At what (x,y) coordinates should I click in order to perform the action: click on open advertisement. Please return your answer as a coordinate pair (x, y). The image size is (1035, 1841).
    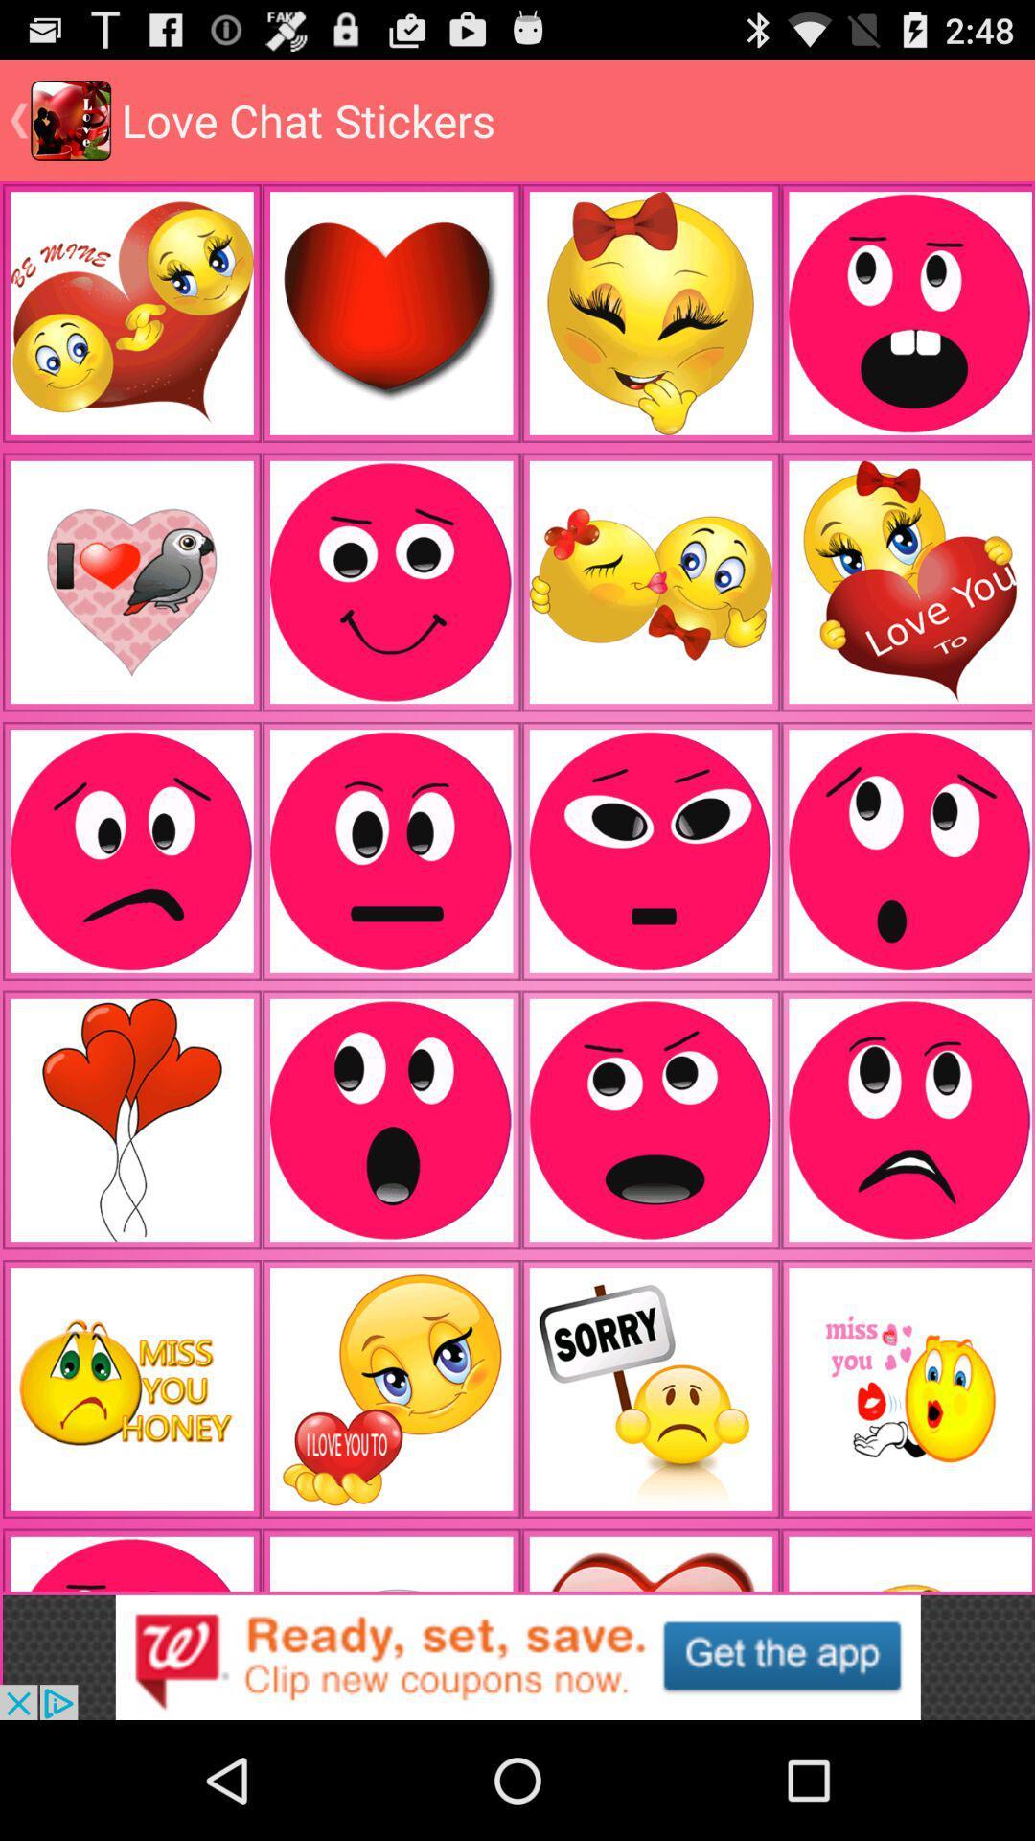
    Looking at the image, I should click on (517, 1656).